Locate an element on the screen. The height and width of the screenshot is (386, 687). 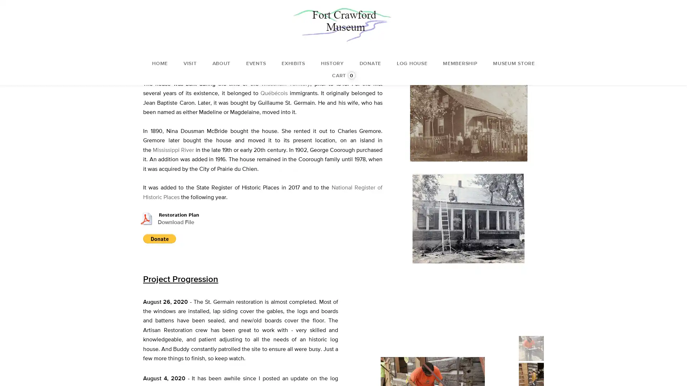
Donate with PayPal button is located at coordinates (159, 341).